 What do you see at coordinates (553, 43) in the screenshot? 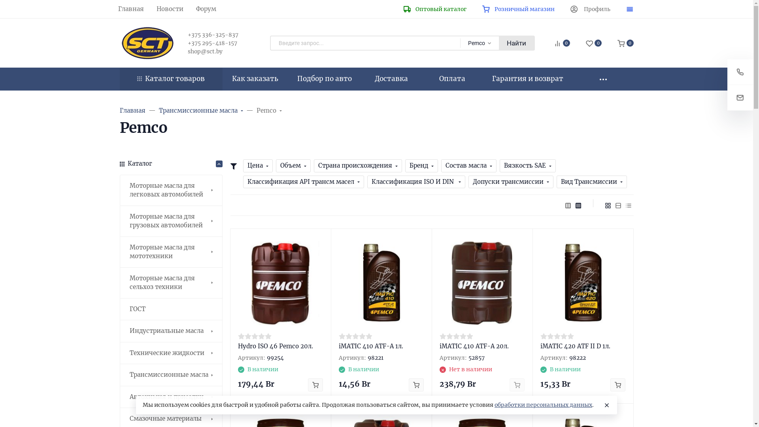
I see `'0'` at bounding box center [553, 43].